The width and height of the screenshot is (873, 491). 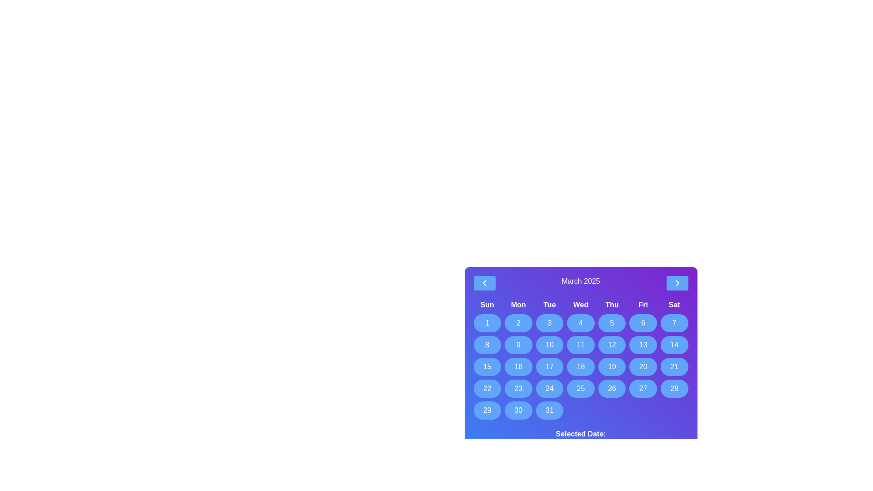 I want to click on the left-pointing chevron navigation button located in the top left corner of the calendar, so click(x=484, y=283).